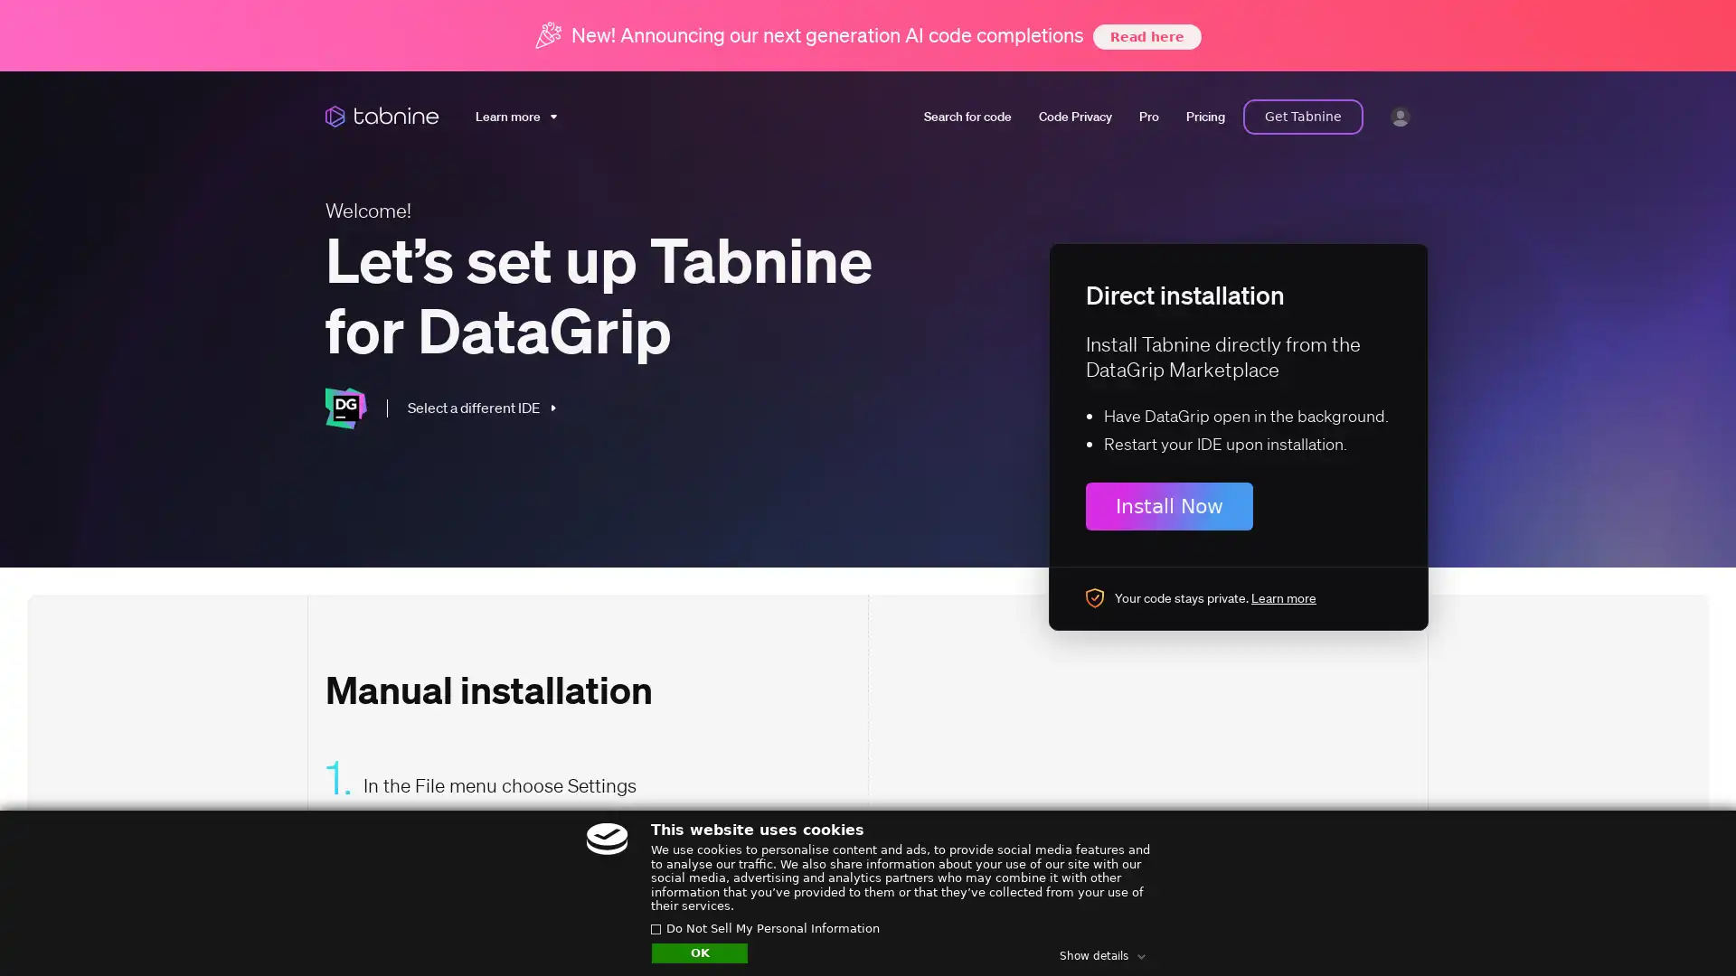 This screenshot has height=976, width=1736. Describe the element at coordinates (1641, 906) in the screenshot. I see `Dismiss Message` at that location.